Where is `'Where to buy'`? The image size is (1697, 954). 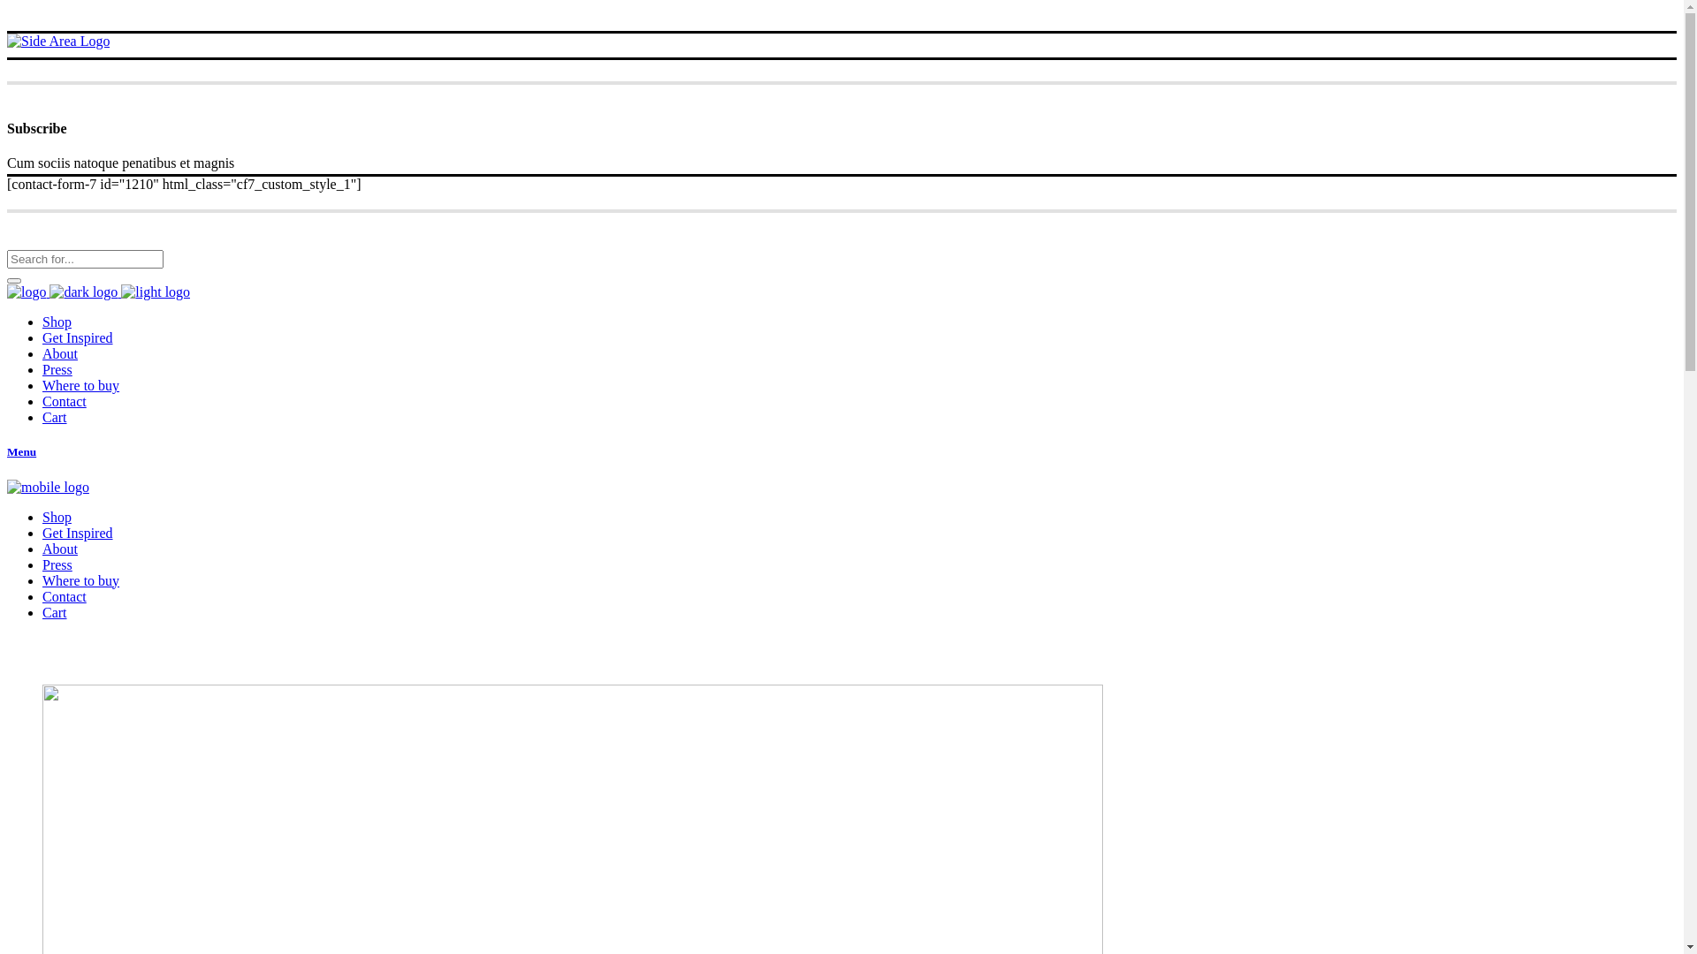
'Where to buy' is located at coordinates (80, 384).